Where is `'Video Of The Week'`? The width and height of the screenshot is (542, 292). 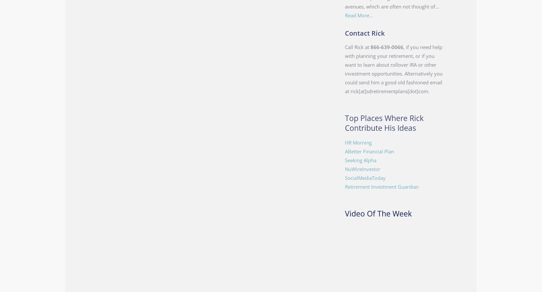 'Video Of The Week' is located at coordinates (344, 214).